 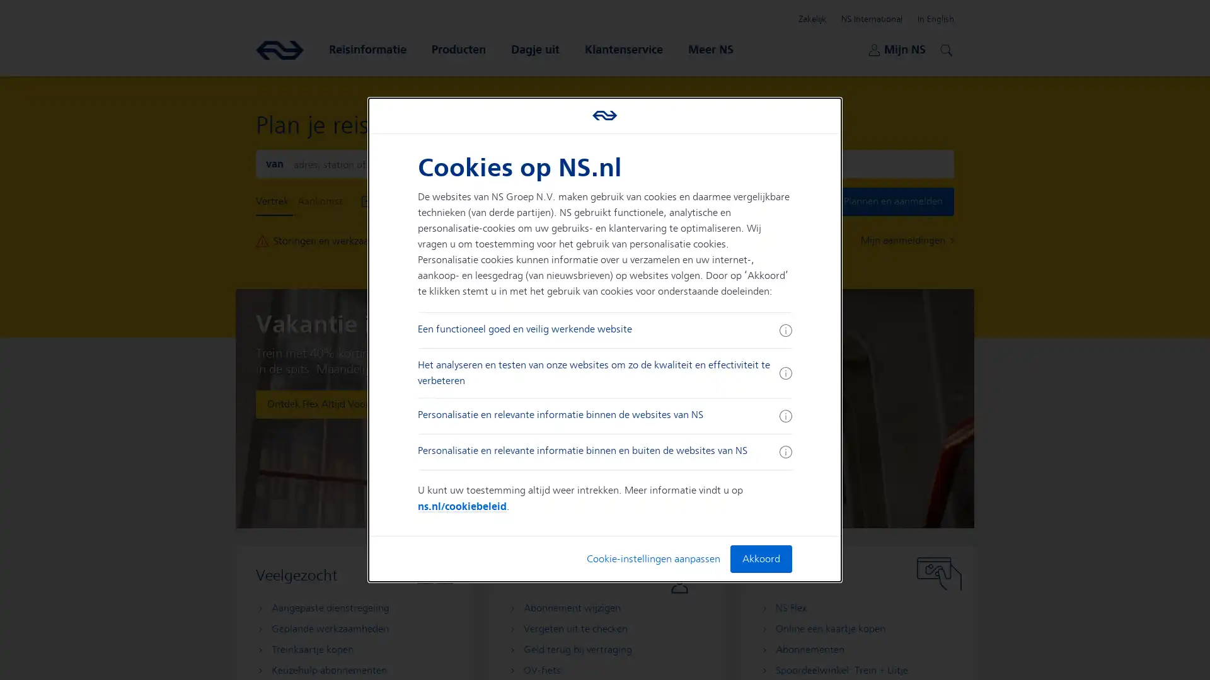 I want to click on Meer informatie ingeklapt, so click(x=785, y=373).